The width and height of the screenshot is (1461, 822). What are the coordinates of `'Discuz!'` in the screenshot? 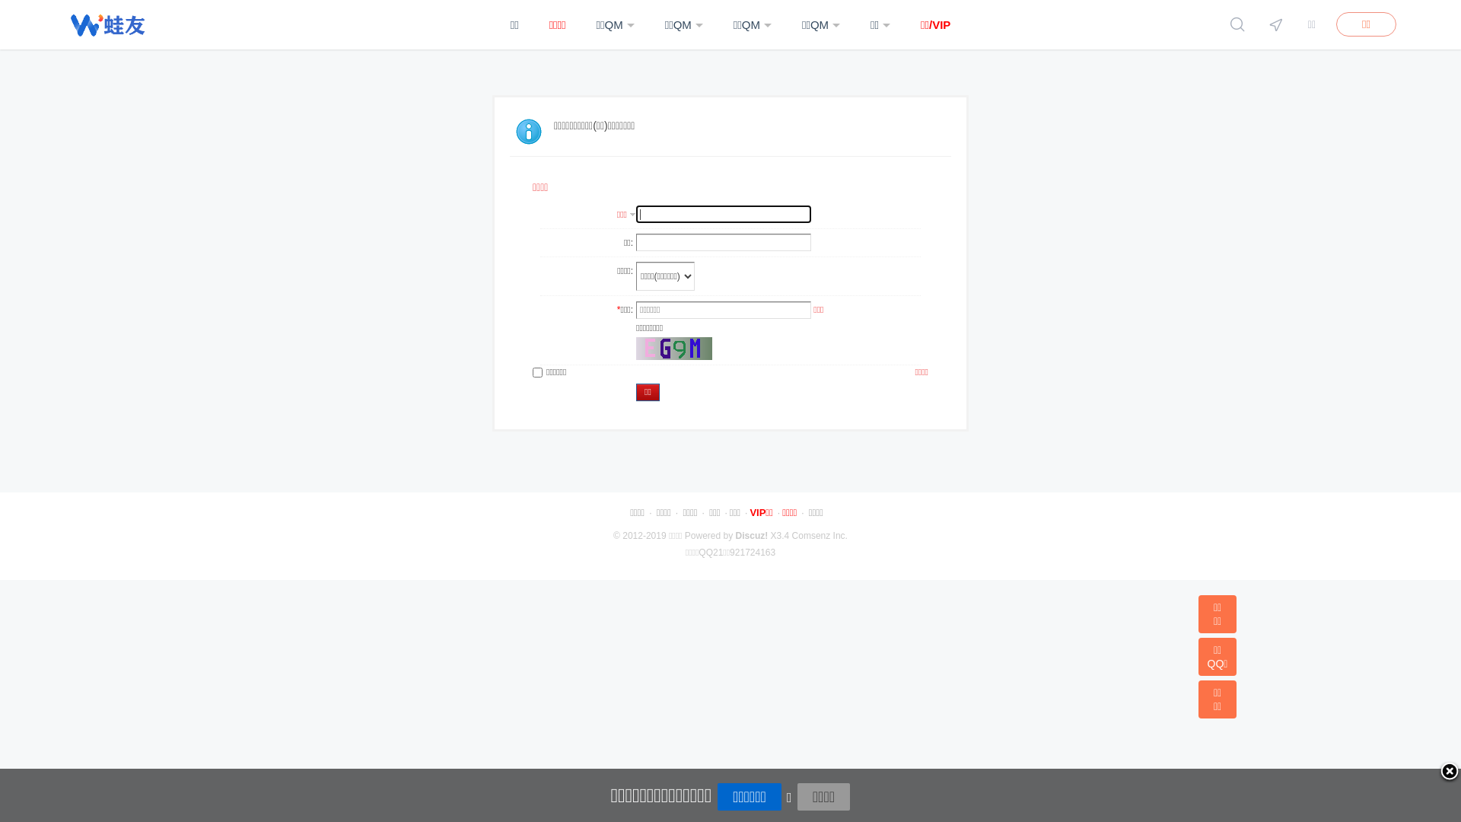 It's located at (752, 535).